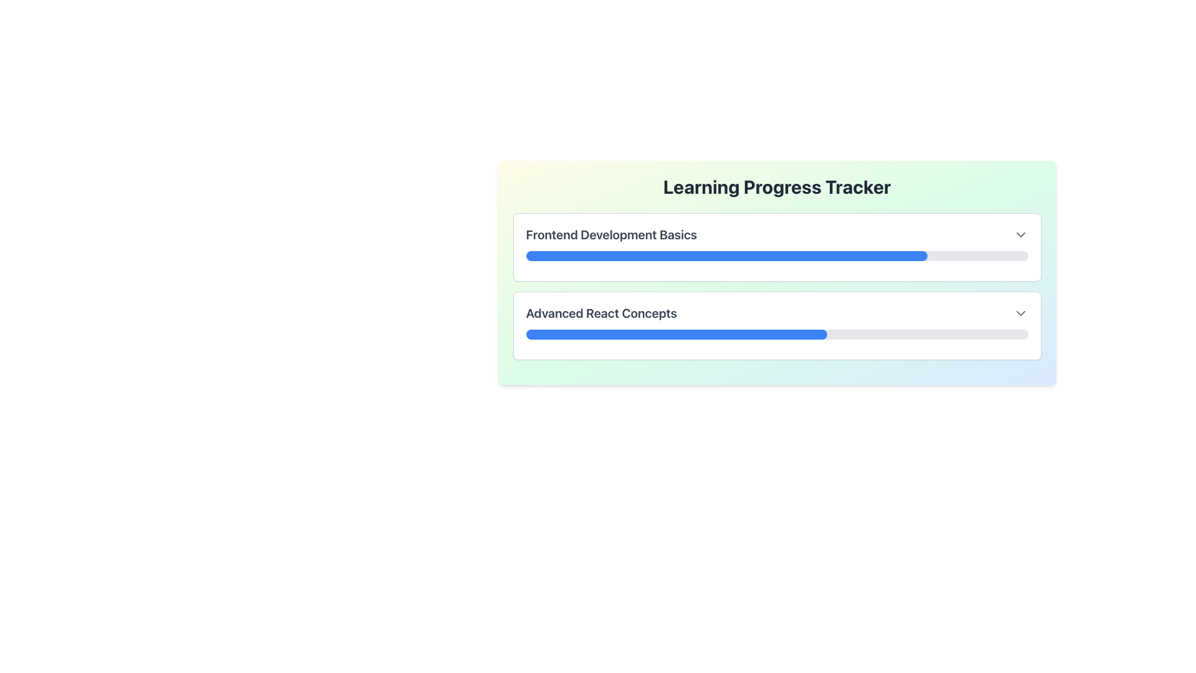 Image resolution: width=1196 pixels, height=673 pixels. I want to click on the progress bar representing the completion state of the task in the 'Frontend Development Basics' section, so click(726, 255).